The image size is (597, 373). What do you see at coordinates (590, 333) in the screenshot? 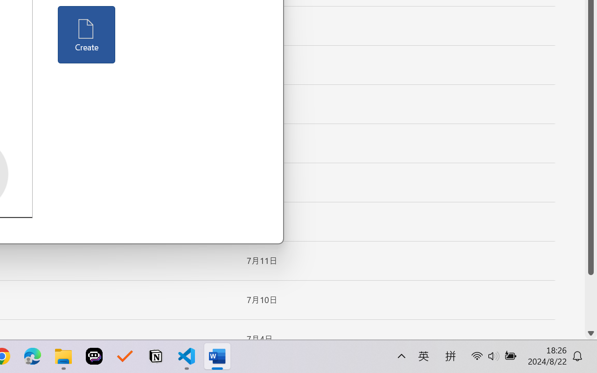
I see `'Line down'` at bounding box center [590, 333].